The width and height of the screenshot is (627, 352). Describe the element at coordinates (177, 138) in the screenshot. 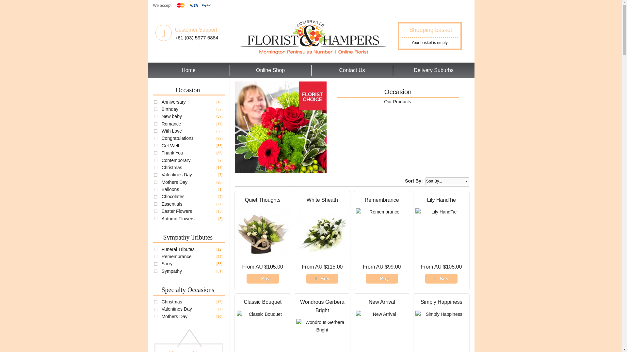

I see `'Congratulations` at that location.